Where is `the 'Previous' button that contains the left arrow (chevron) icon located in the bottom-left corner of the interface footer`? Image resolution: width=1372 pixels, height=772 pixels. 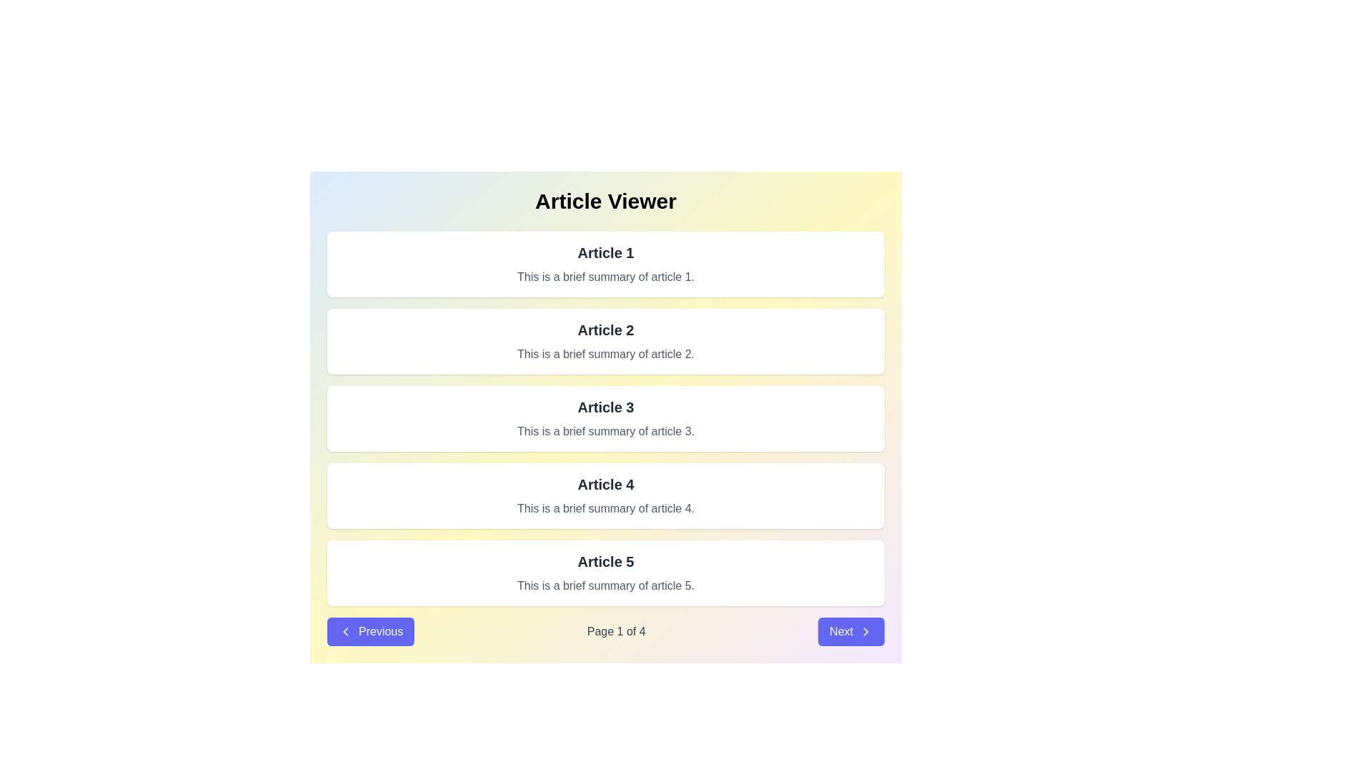 the 'Previous' button that contains the left arrow (chevron) icon located in the bottom-left corner of the interface footer is located at coordinates (346, 630).